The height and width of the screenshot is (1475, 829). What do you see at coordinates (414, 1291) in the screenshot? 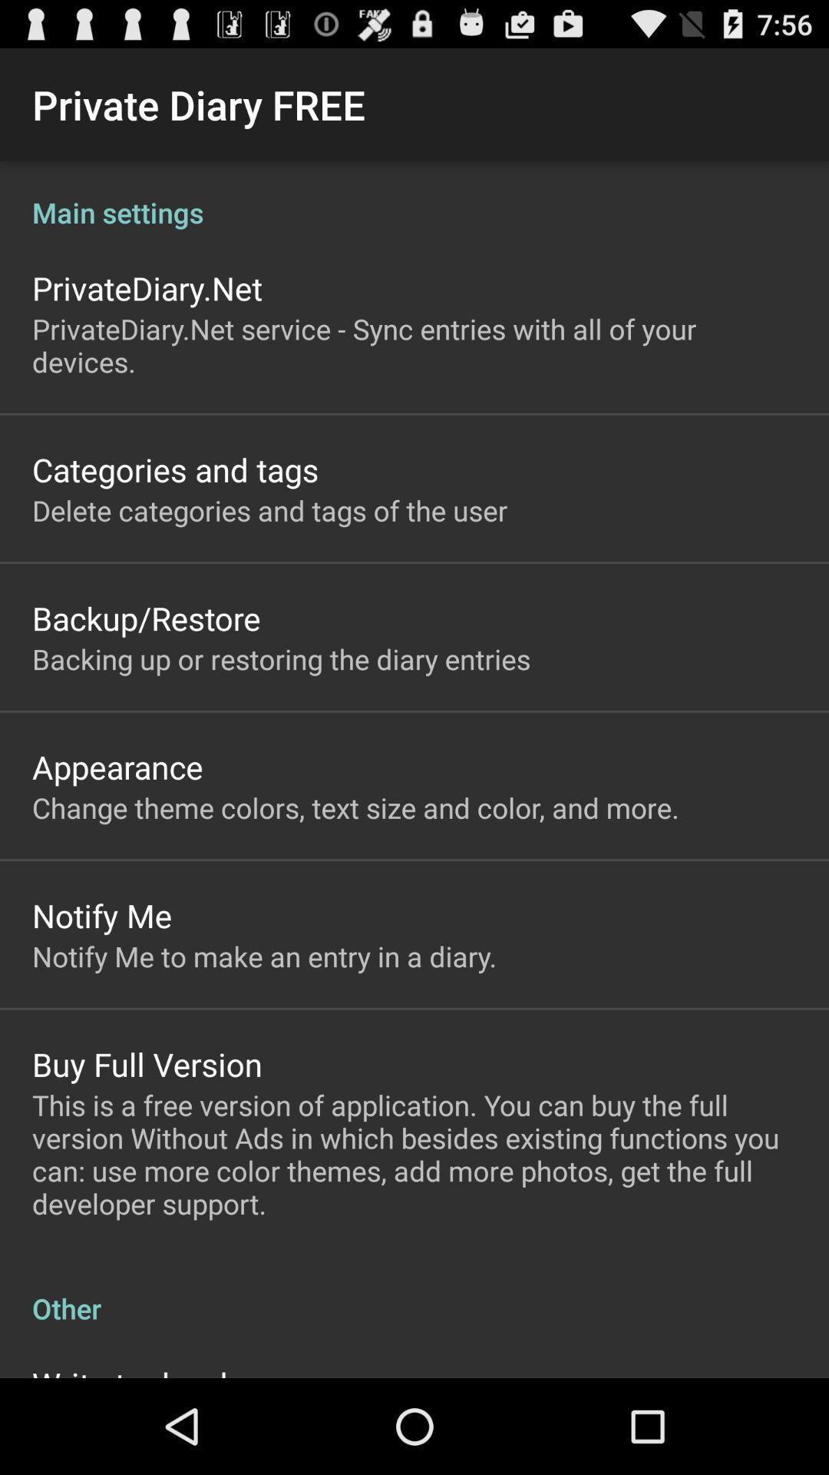
I see `icon above the write to developer app` at bounding box center [414, 1291].